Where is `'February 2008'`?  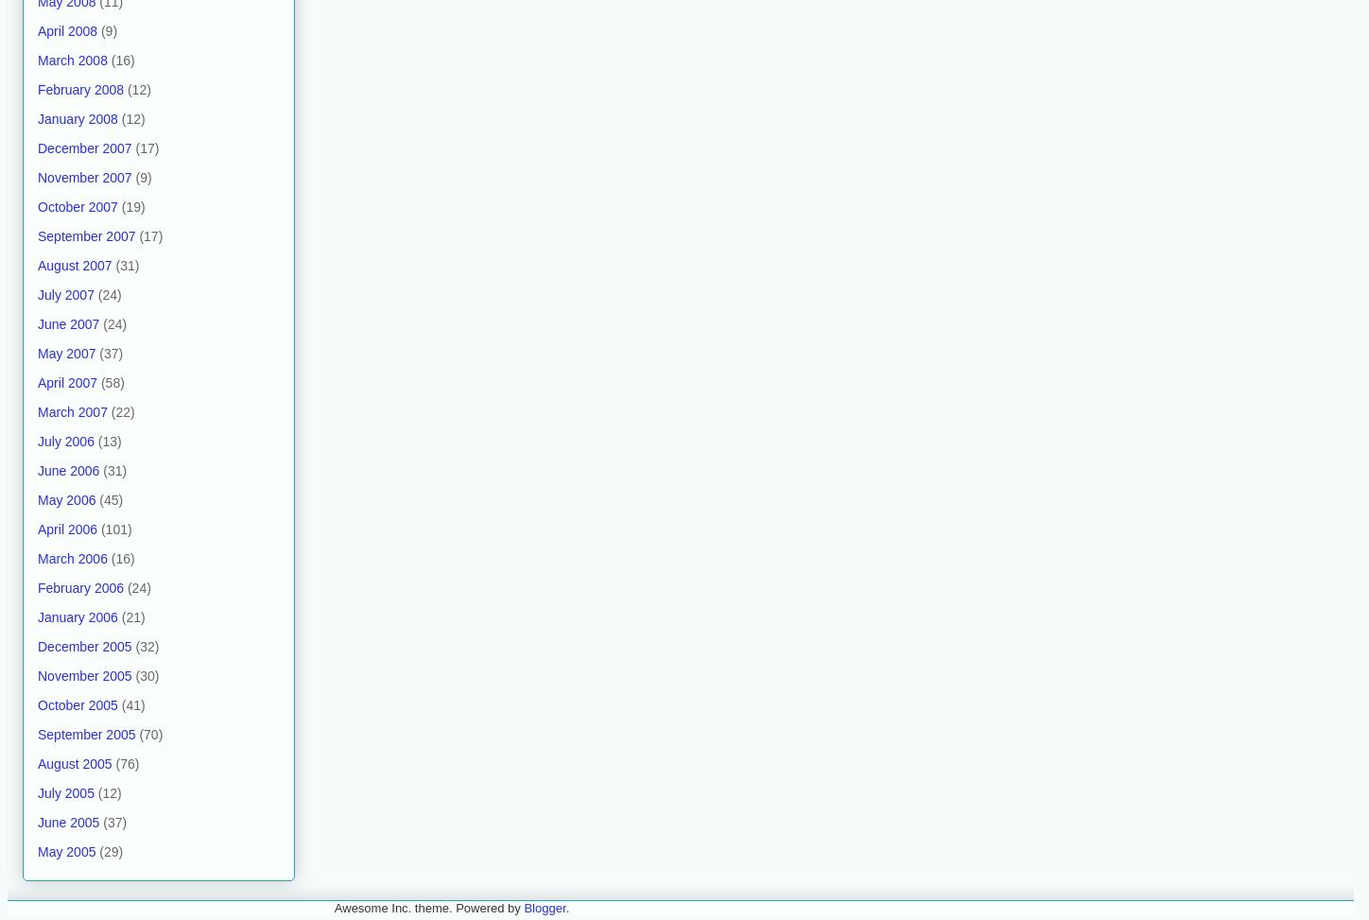
'February 2008' is located at coordinates (80, 87).